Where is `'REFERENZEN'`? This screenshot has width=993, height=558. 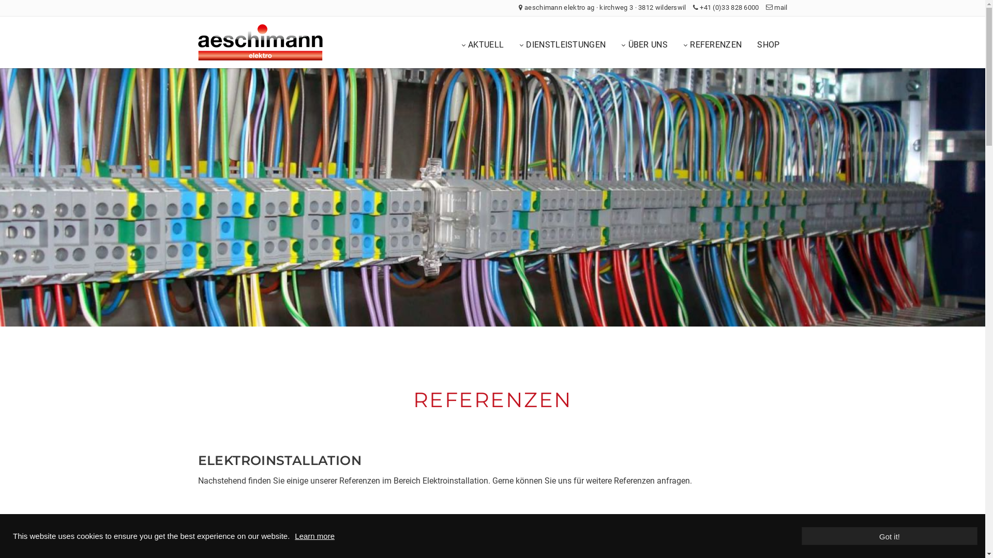 'REFERENZEN' is located at coordinates (712, 44).